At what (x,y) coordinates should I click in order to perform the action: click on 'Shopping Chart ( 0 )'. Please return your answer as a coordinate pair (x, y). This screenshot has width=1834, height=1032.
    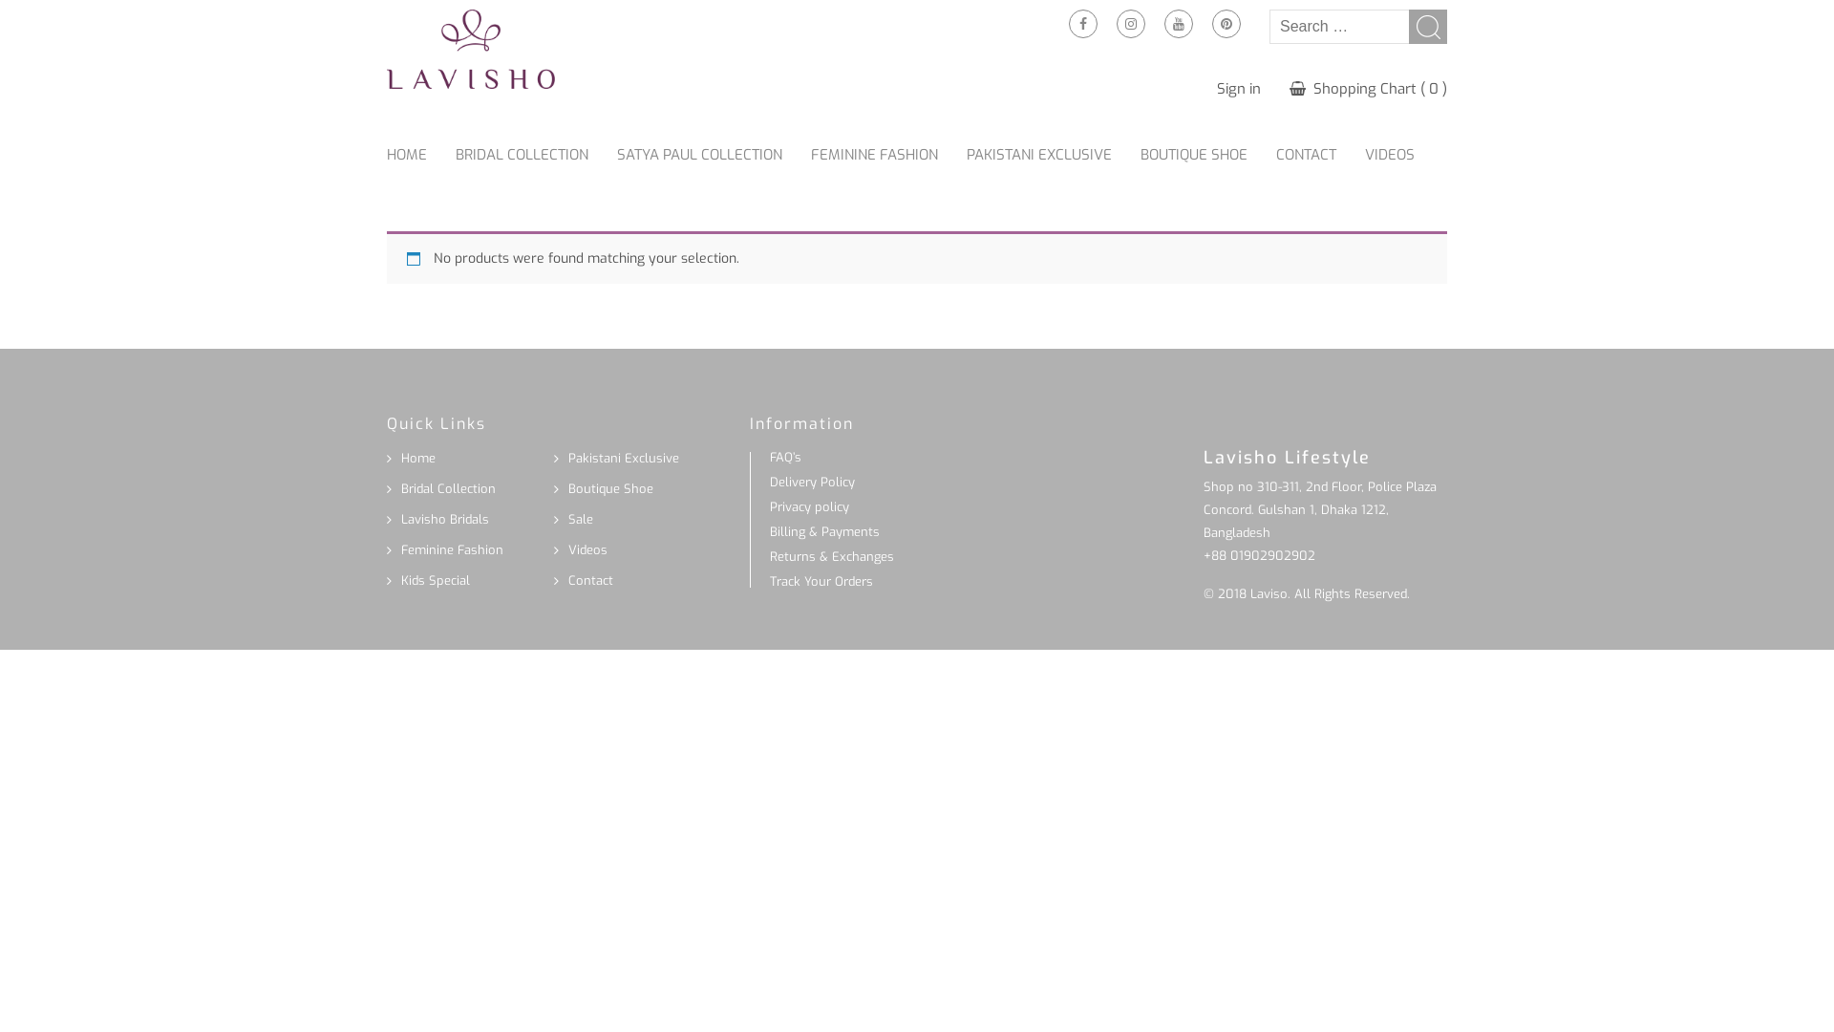
    Looking at the image, I should click on (1367, 88).